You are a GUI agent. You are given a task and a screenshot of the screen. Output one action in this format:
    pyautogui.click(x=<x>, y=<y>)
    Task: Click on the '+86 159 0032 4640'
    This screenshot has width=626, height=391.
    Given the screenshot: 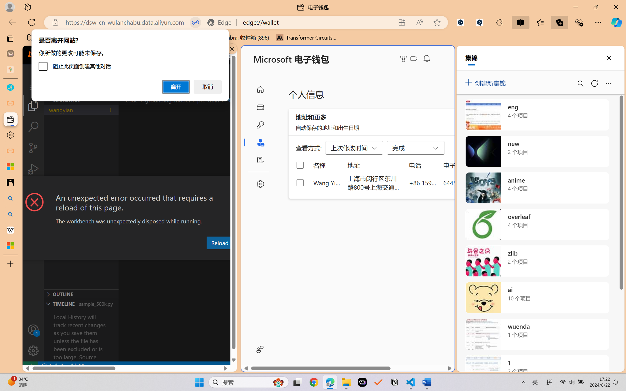 What is the action you would take?
    pyautogui.click(x=423, y=182)
    